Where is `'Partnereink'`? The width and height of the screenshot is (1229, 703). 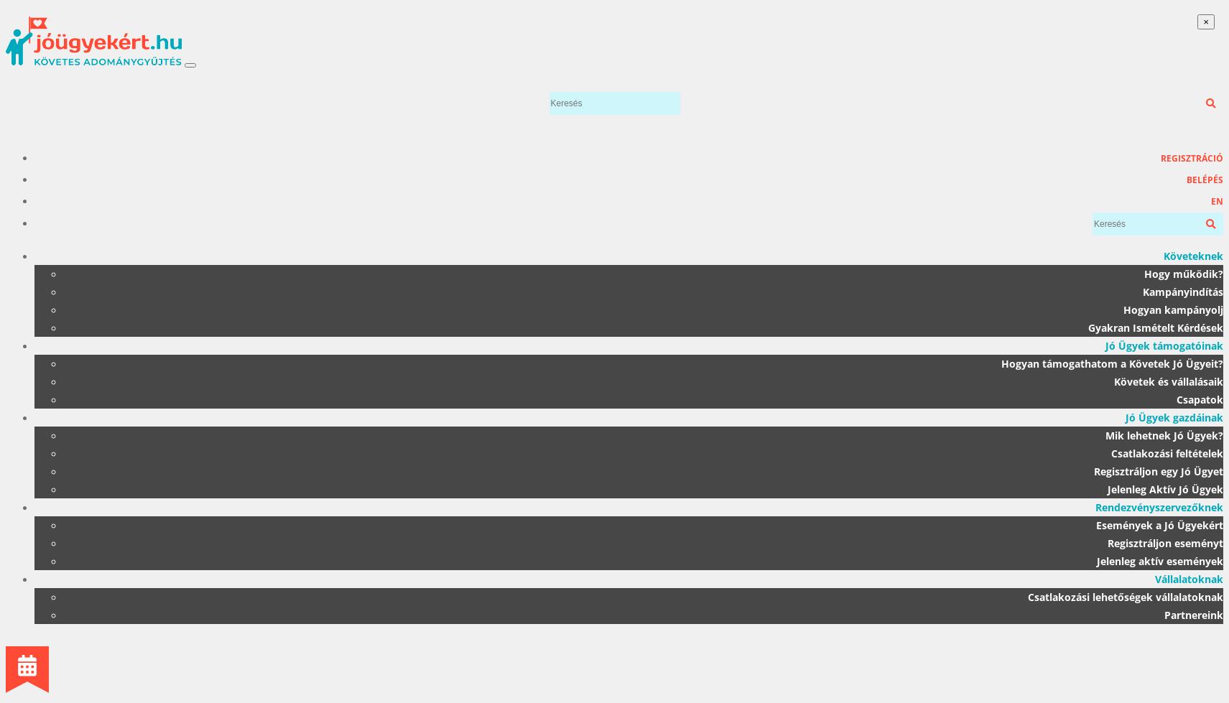
'Partnereink' is located at coordinates (1194, 614).